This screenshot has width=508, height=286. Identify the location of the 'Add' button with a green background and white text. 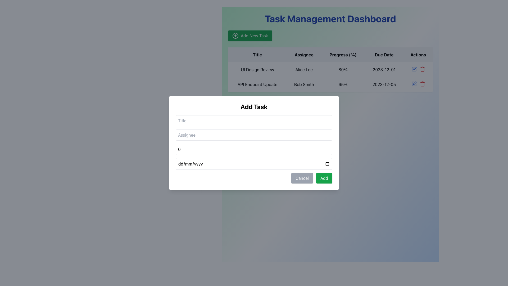
(324, 178).